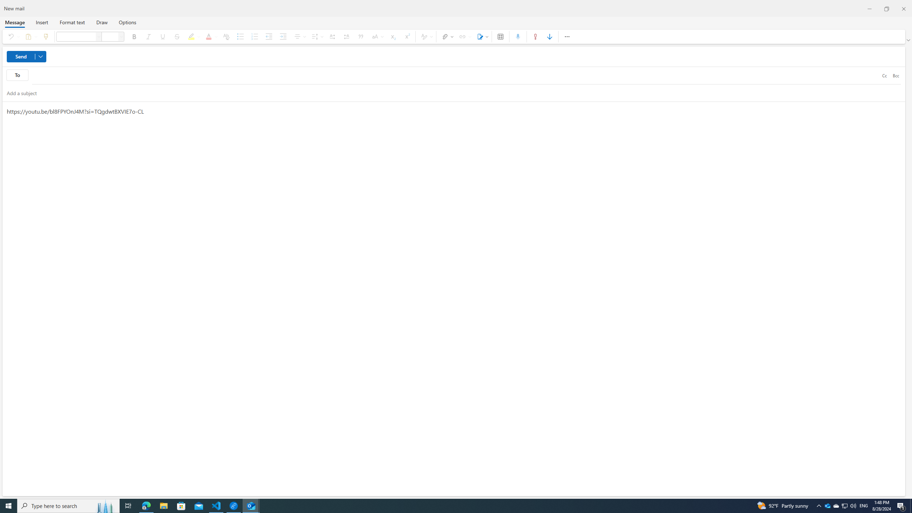  I want to click on 'Draw', so click(102, 22).